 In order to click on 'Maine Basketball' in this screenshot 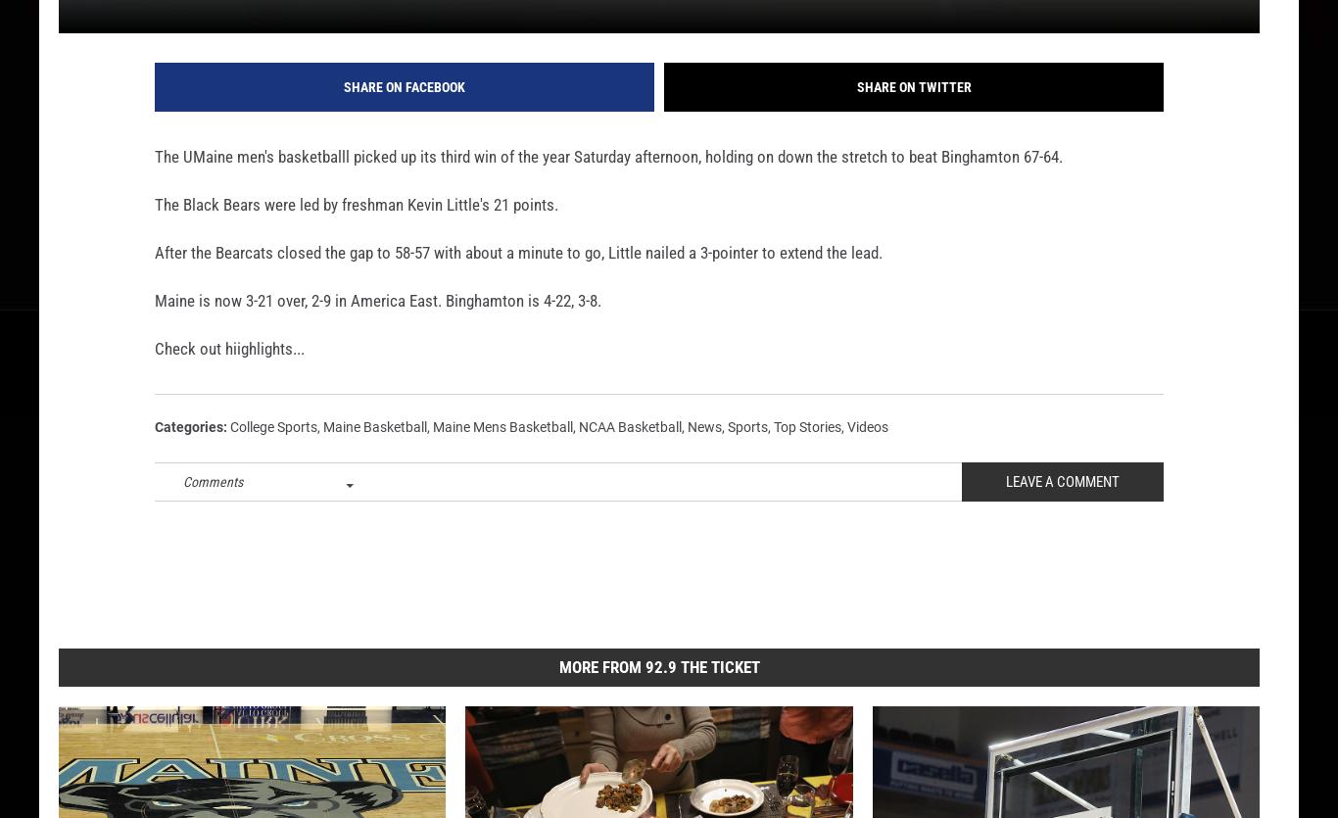, I will do `click(323, 457)`.